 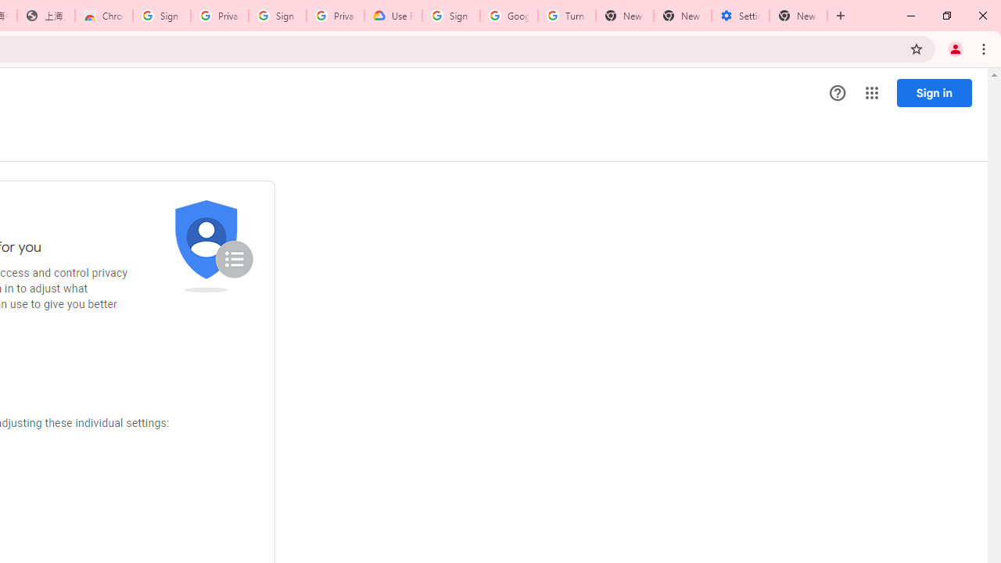 What do you see at coordinates (450, 16) in the screenshot?
I see `'Sign in - Google Accounts'` at bounding box center [450, 16].